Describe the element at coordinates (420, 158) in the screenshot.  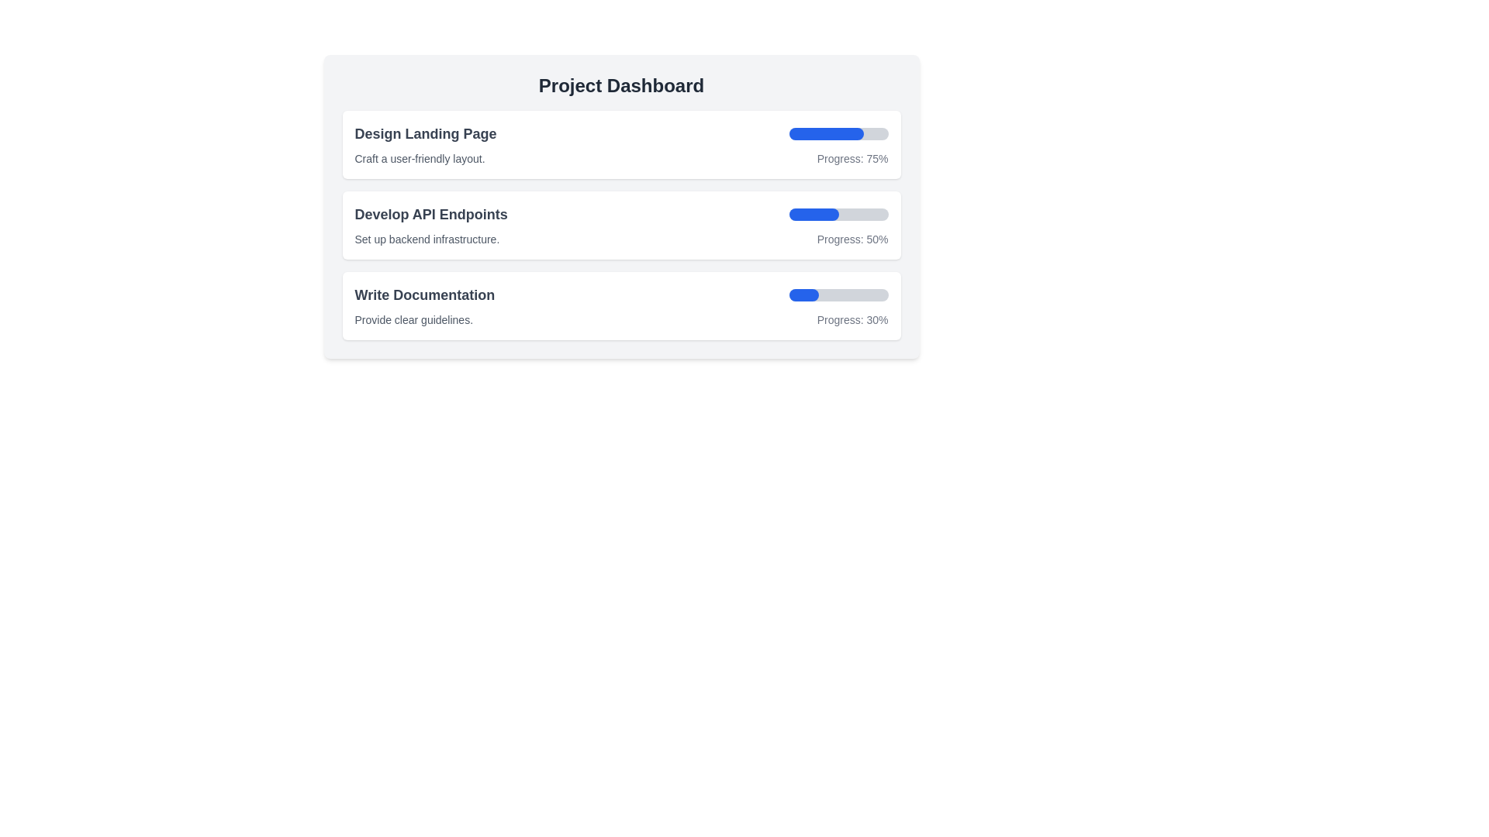
I see `the text label that provides additional information about the heading 'Design Landing Page'` at that location.